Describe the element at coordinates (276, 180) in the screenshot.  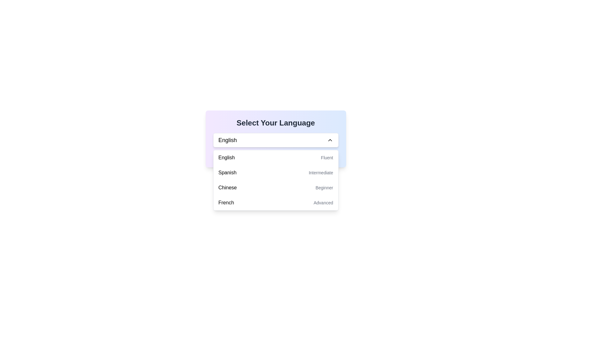
I see `the dropdown list located below the 'English' dropdown button` at that location.